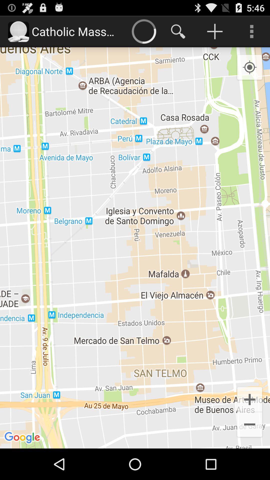  Describe the element at coordinates (249, 72) in the screenshot. I see `the location_crosshair icon` at that location.